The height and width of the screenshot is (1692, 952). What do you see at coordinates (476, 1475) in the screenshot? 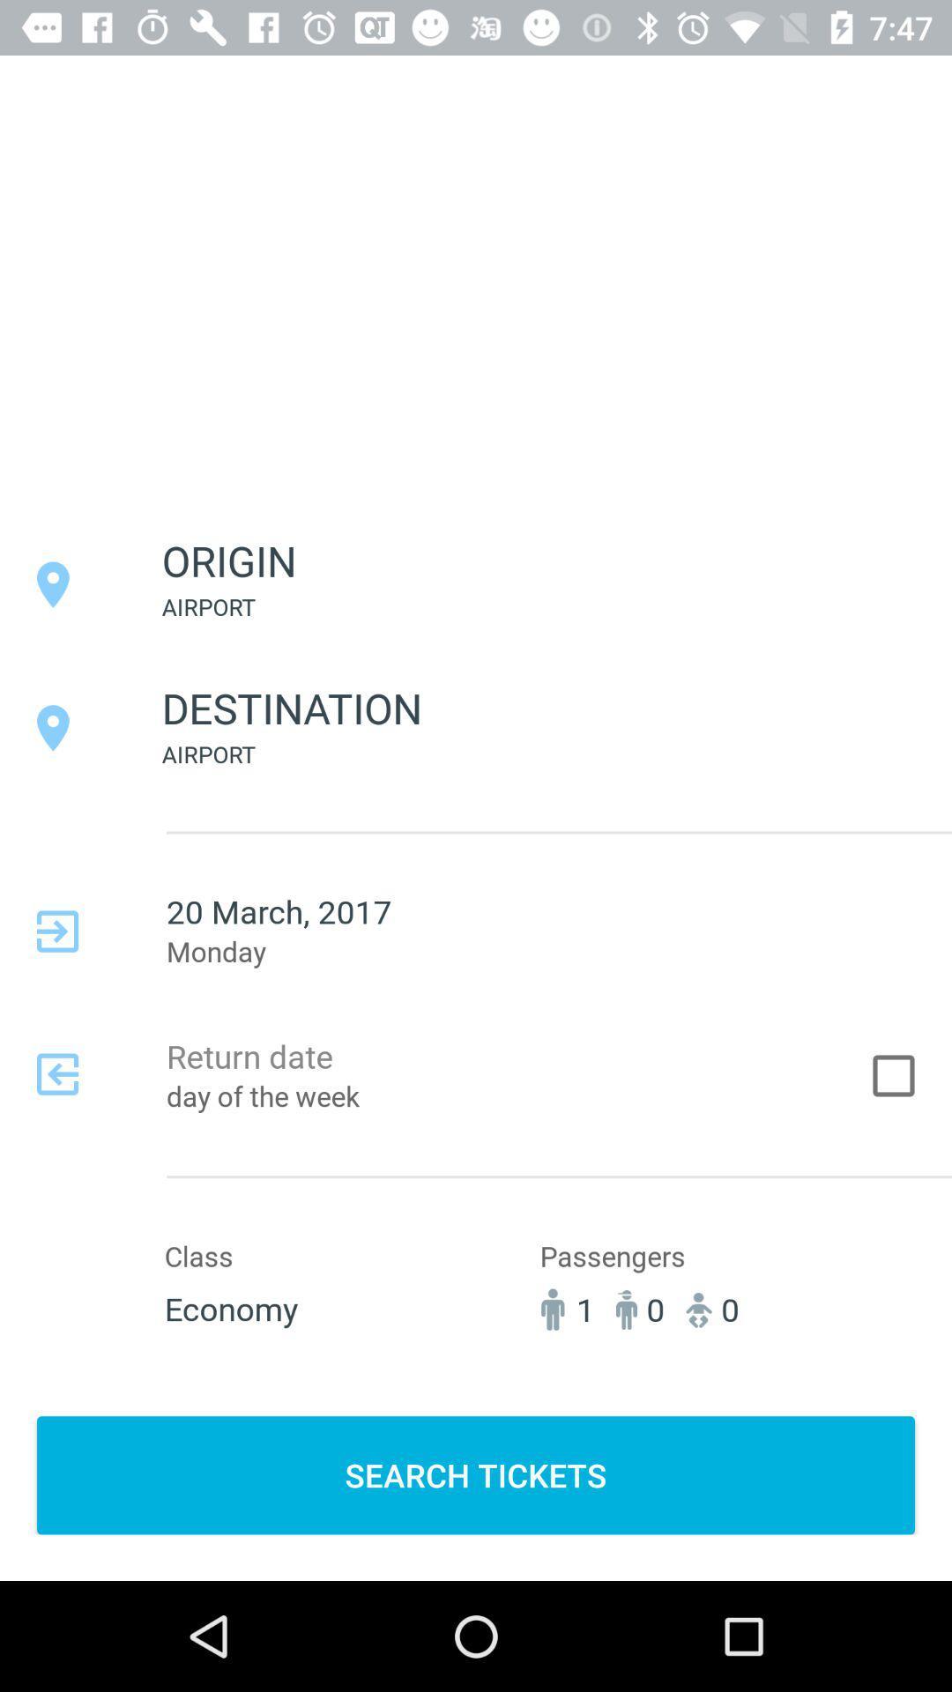
I see `search tickets button` at bounding box center [476, 1475].